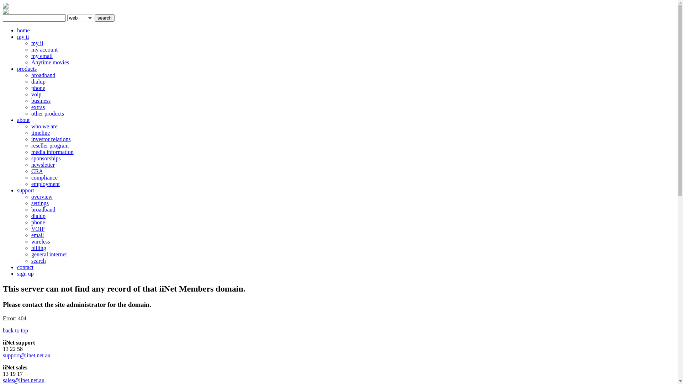 Image resolution: width=683 pixels, height=384 pixels. Describe the element at coordinates (31, 75) in the screenshot. I see `'broadband'` at that location.